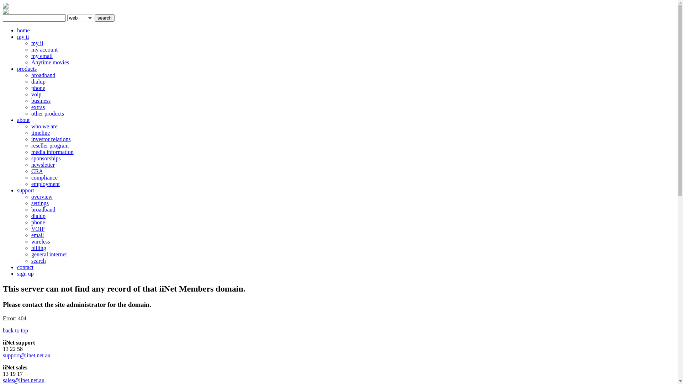 Image resolution: width=683 pixels, height=384 pixels. Describe the element at coordinates (31, 75) in the screenshot. I see `'broadband'` at that location.